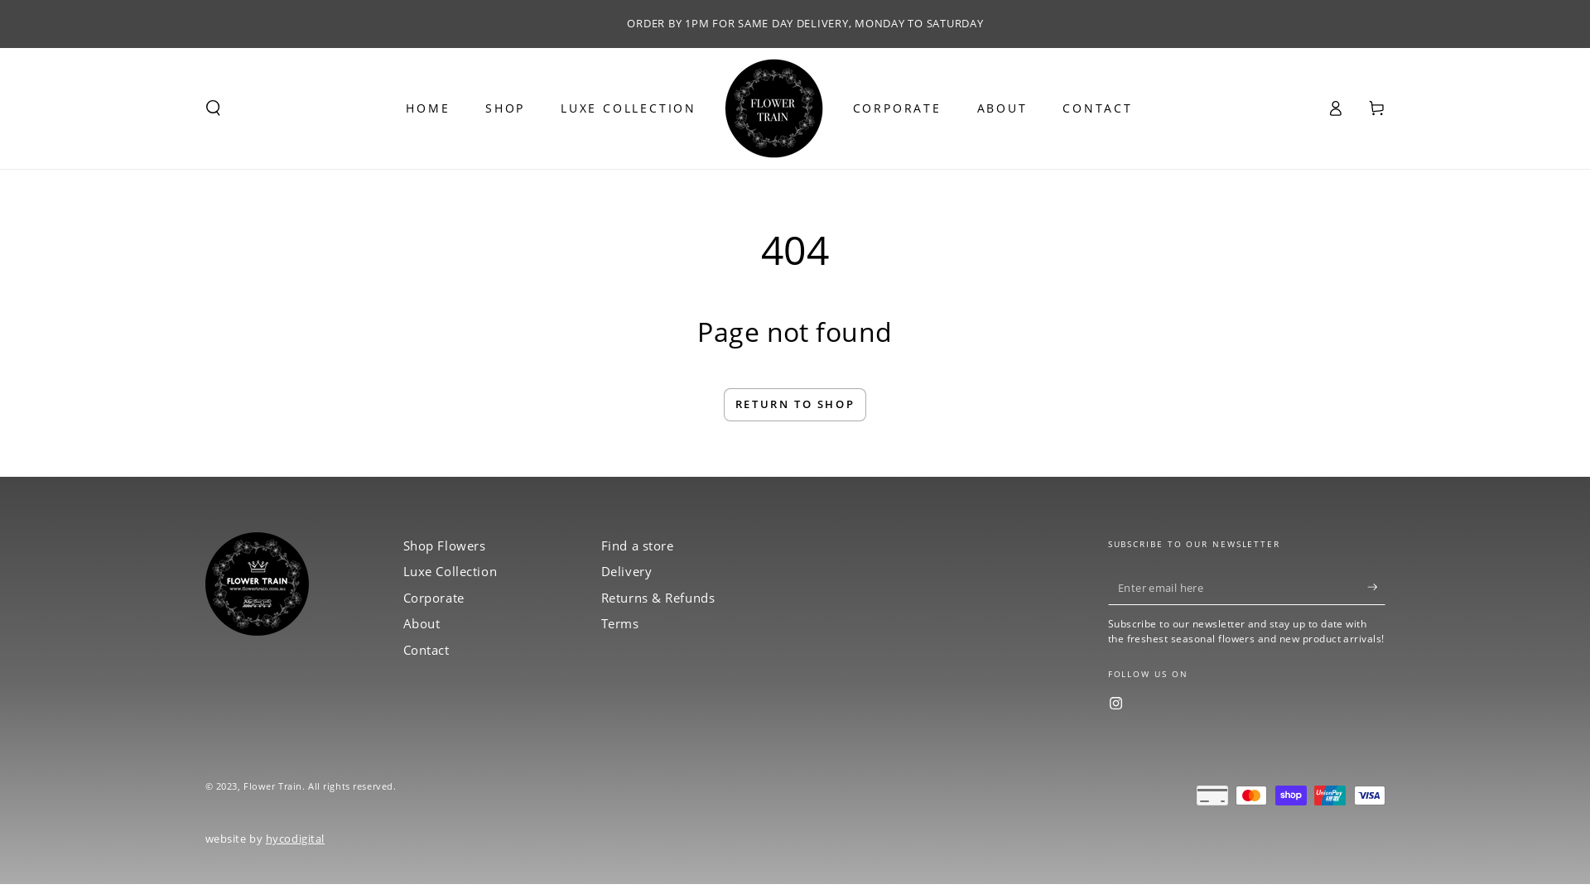 Image resolution: width=1590 pixels, height=894 pixels. I want to click on 'Flower Train', so click(272, 785).